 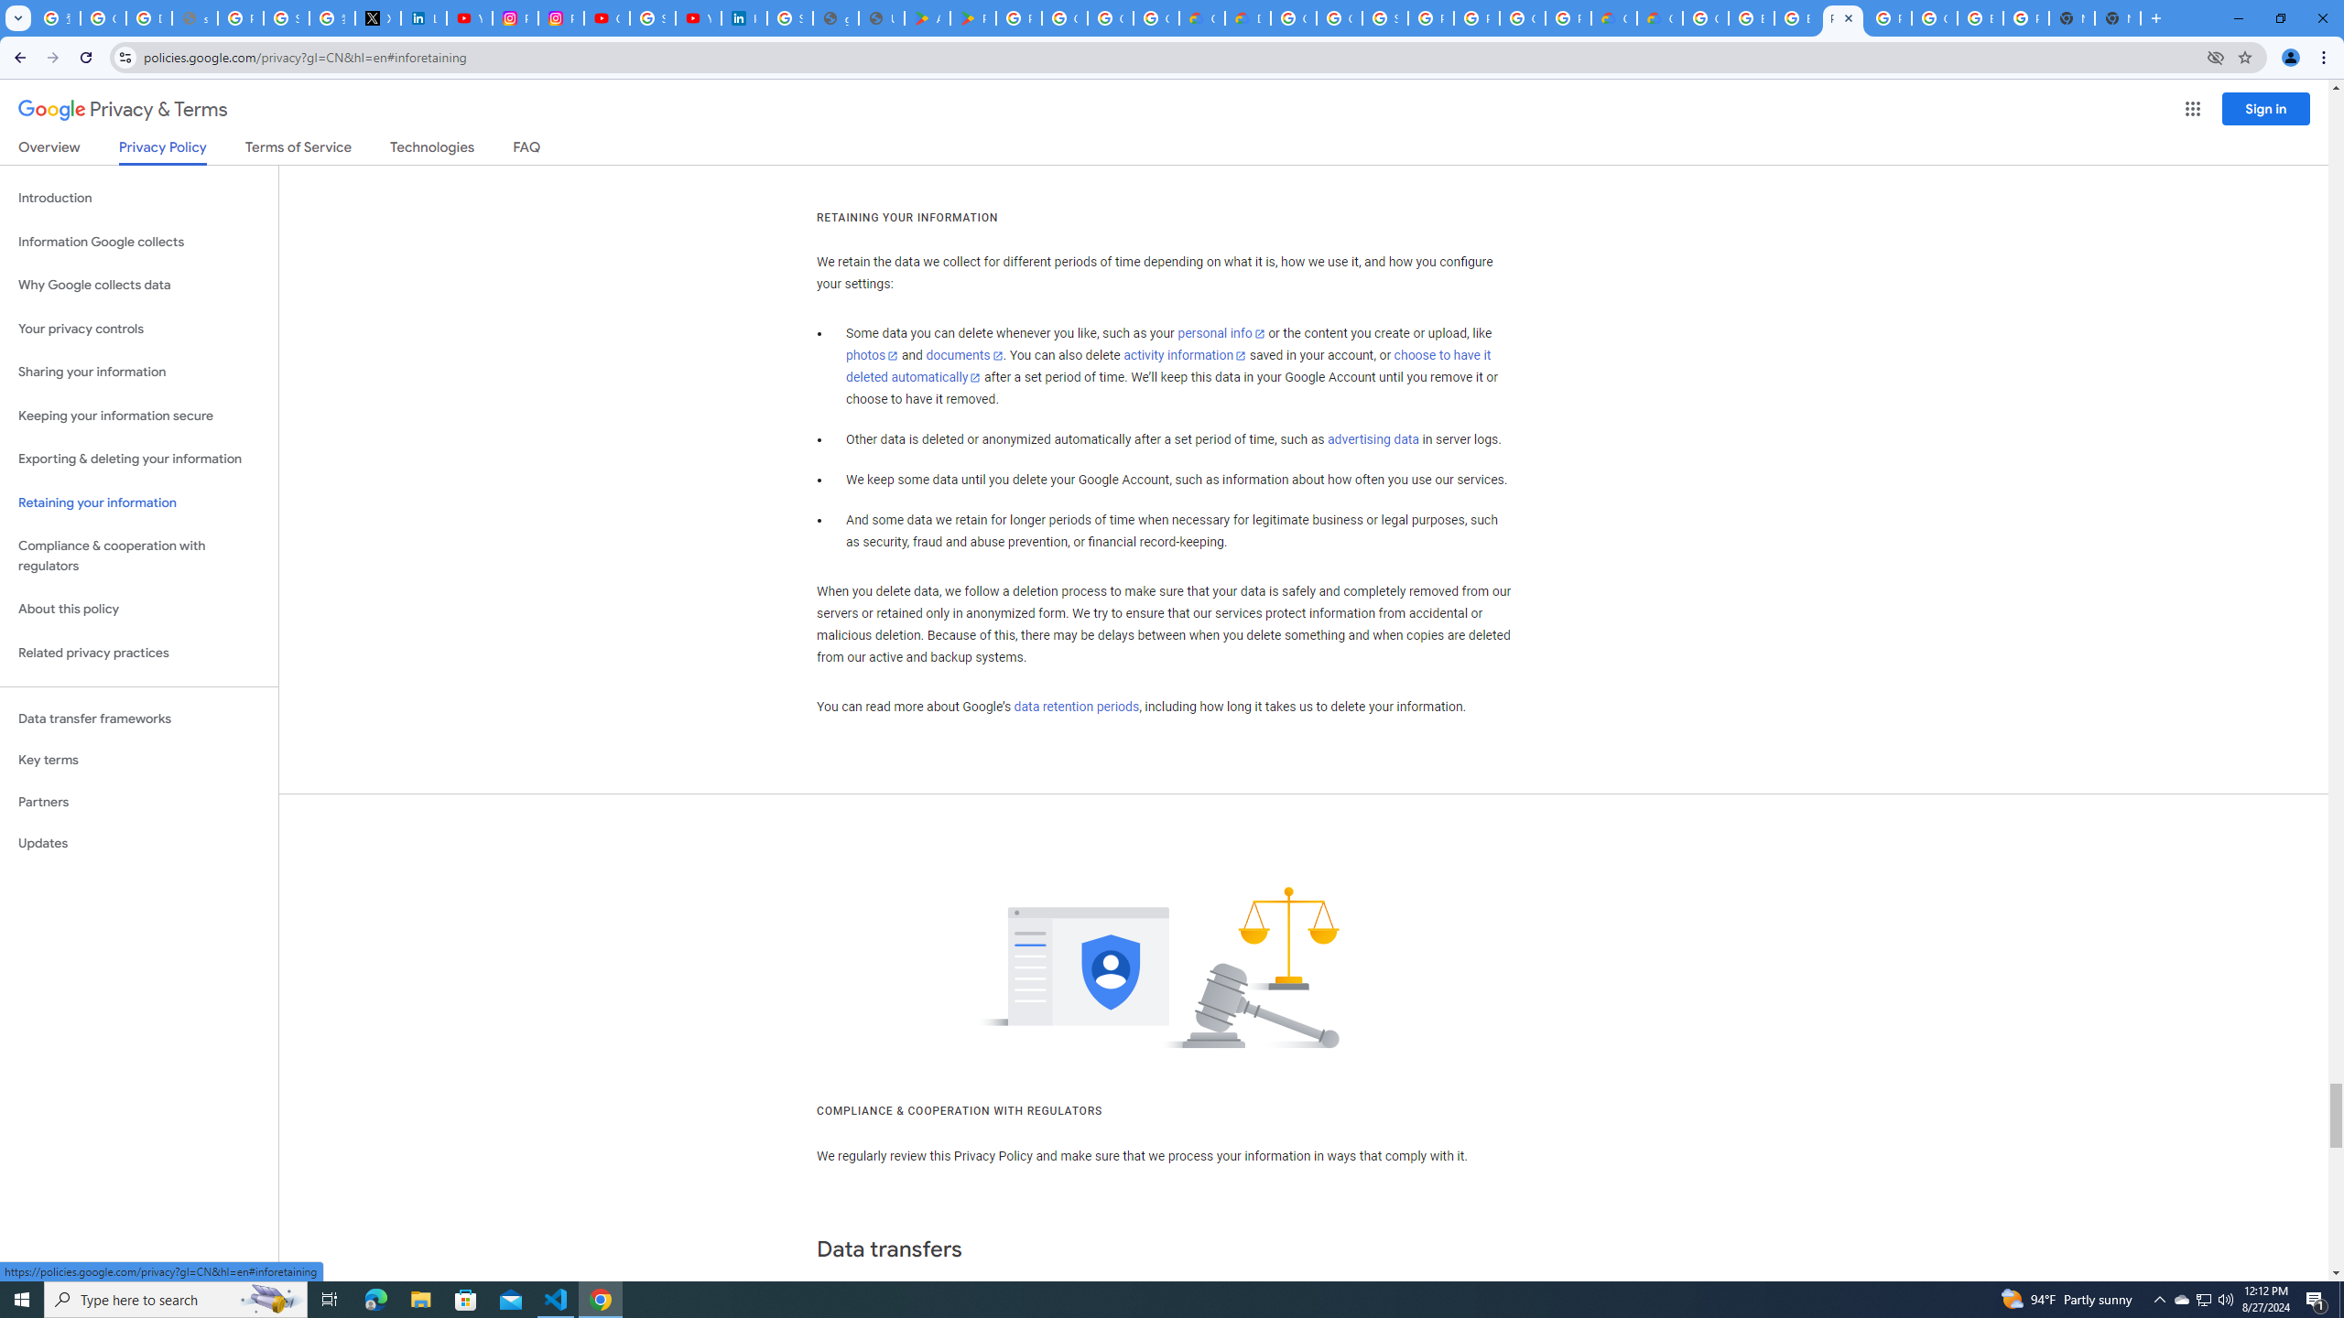 What do you see at coordinates (881, 17) in the screenshot?
I see `'User Details'` at bounding box center [881, 17].